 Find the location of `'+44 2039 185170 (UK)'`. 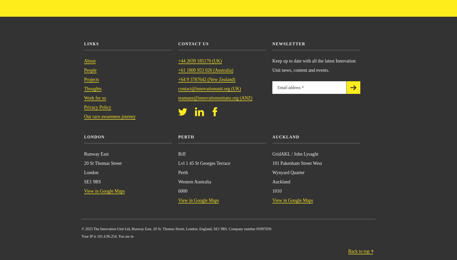

'+44 2039 185170 (UK)' is located at coordinates (200, 60).